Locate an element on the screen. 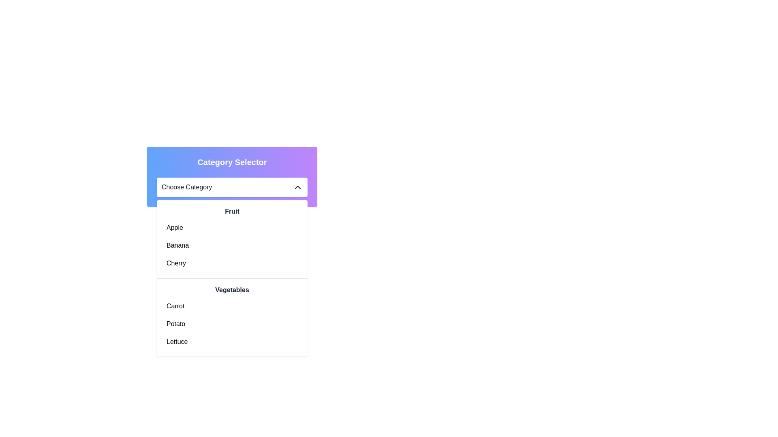  the text label displaying 'Apple' in black font within the dropdown menu under the 'Fruit' category is located at coordinates (174, 228).